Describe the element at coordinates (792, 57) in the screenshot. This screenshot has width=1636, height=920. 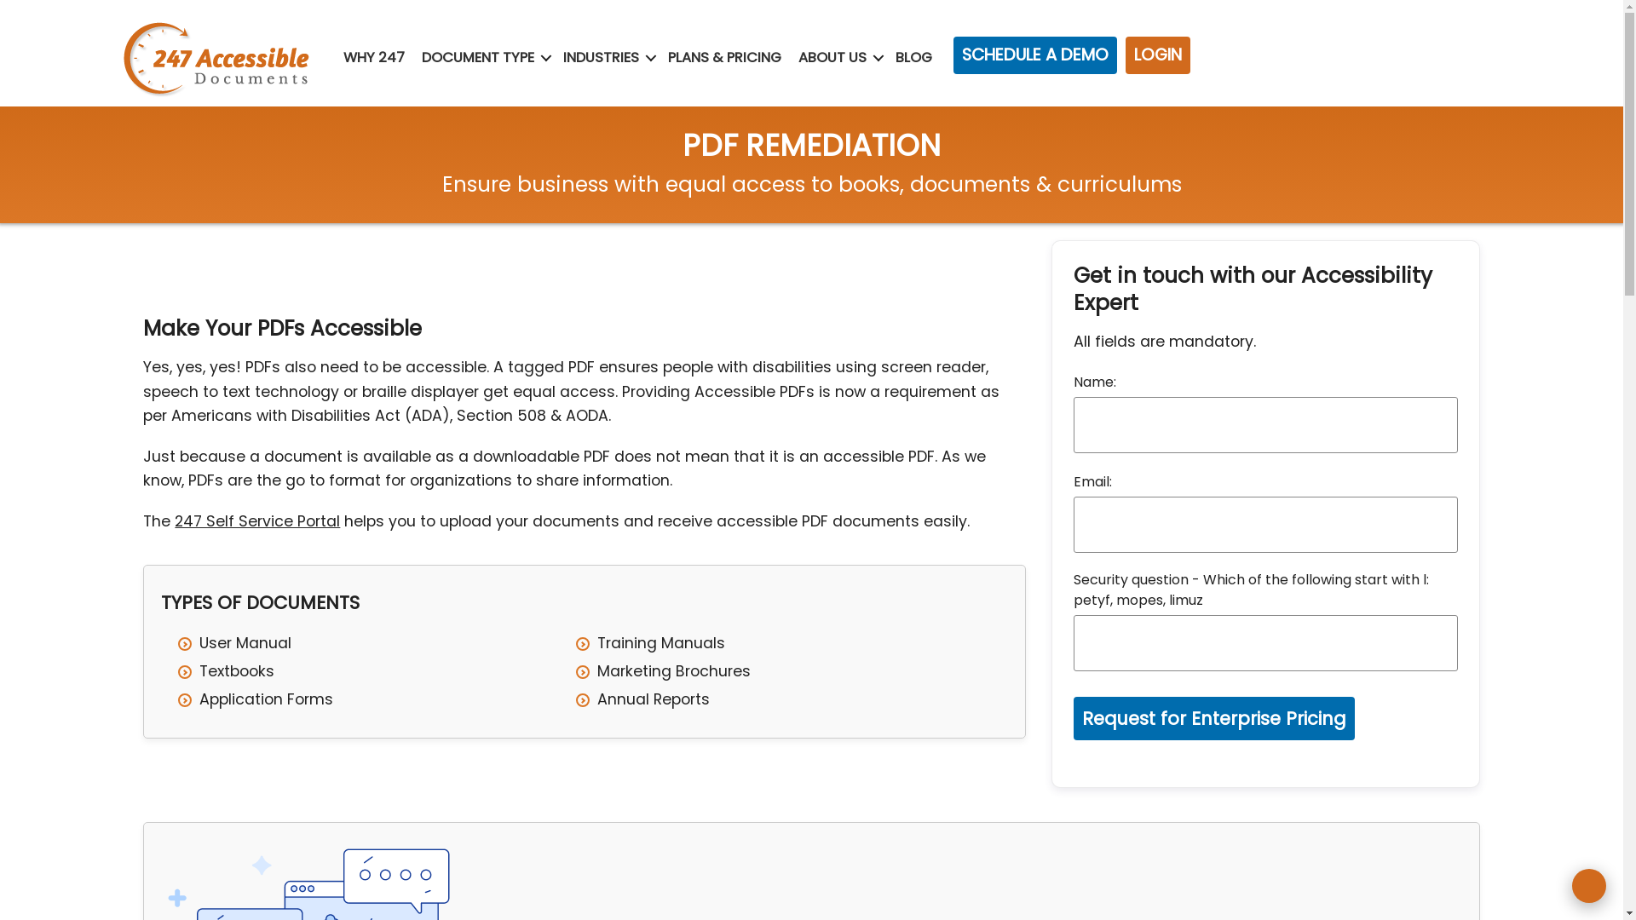
I see `'ABOUT US'` at that location.